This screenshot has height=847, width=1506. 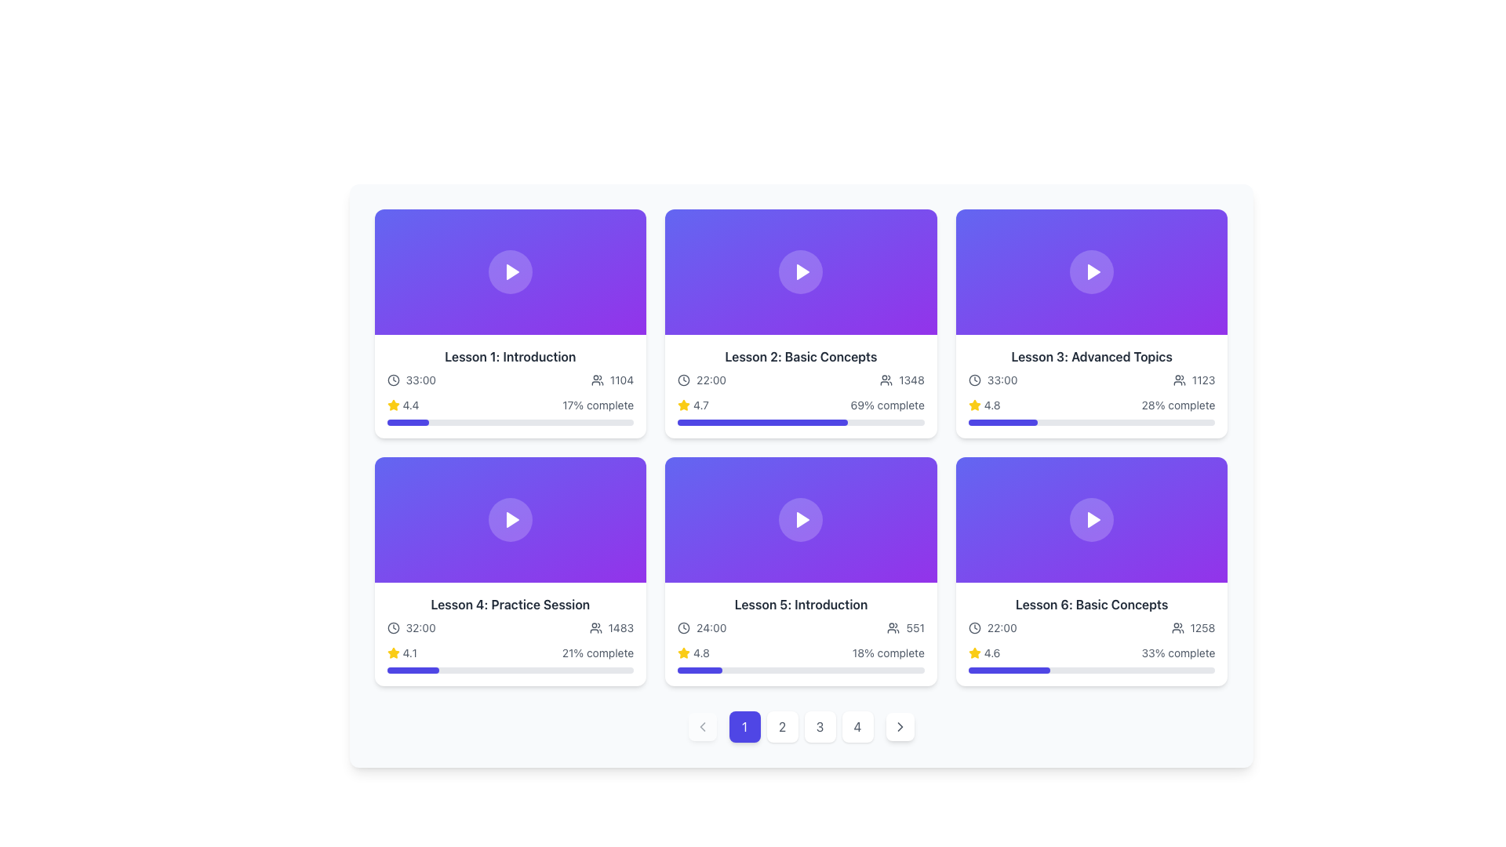 What do you see at coordinates (510, 520) in the screenshot?
I see `the Multimedia content button area located at the center of the upper portion of the card for 'Lesson 4: Practice Session' to play the associated video or multimedia content` at bounding box center [510, 520].